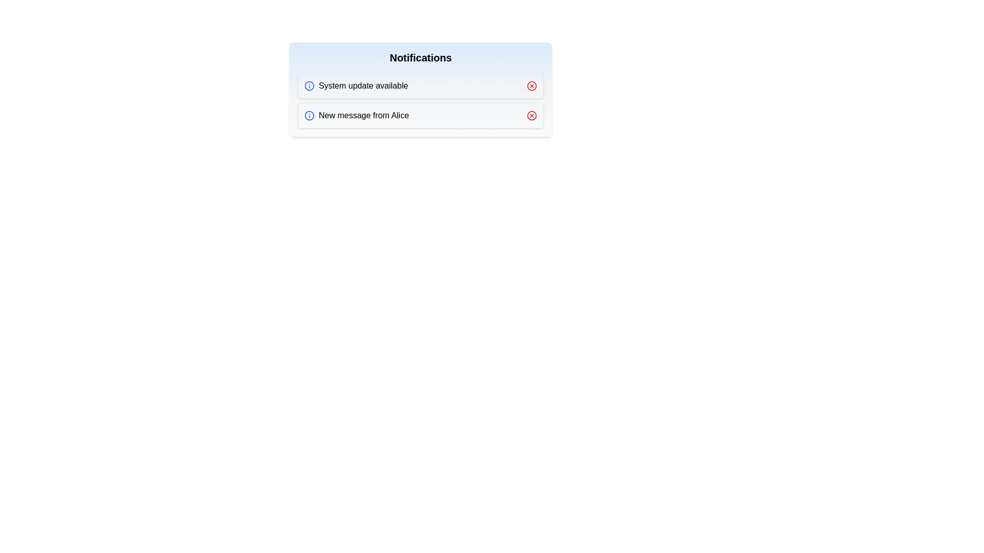 The width and height of the screenshot is (984, 553). What do you see at coordinates (309, 86) in the screenshot?
I see `the icon representing the notification type for the first notification` at bounding box center [309, 86].